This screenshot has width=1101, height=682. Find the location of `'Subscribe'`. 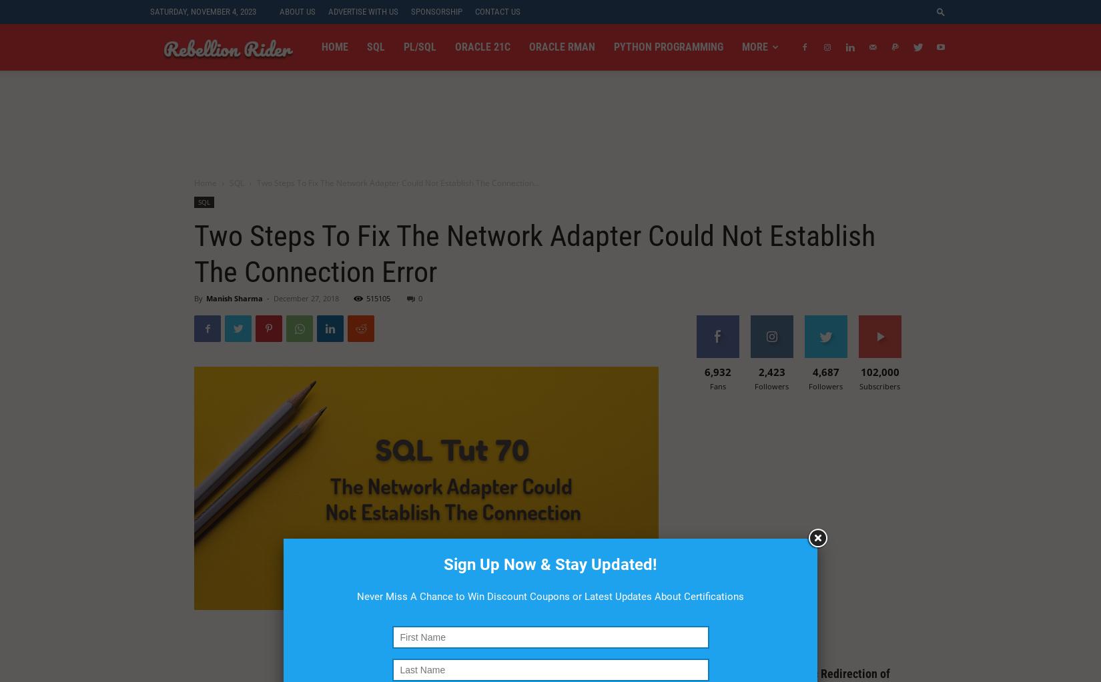

'Subscribe' is located at coordinates (879, 320).